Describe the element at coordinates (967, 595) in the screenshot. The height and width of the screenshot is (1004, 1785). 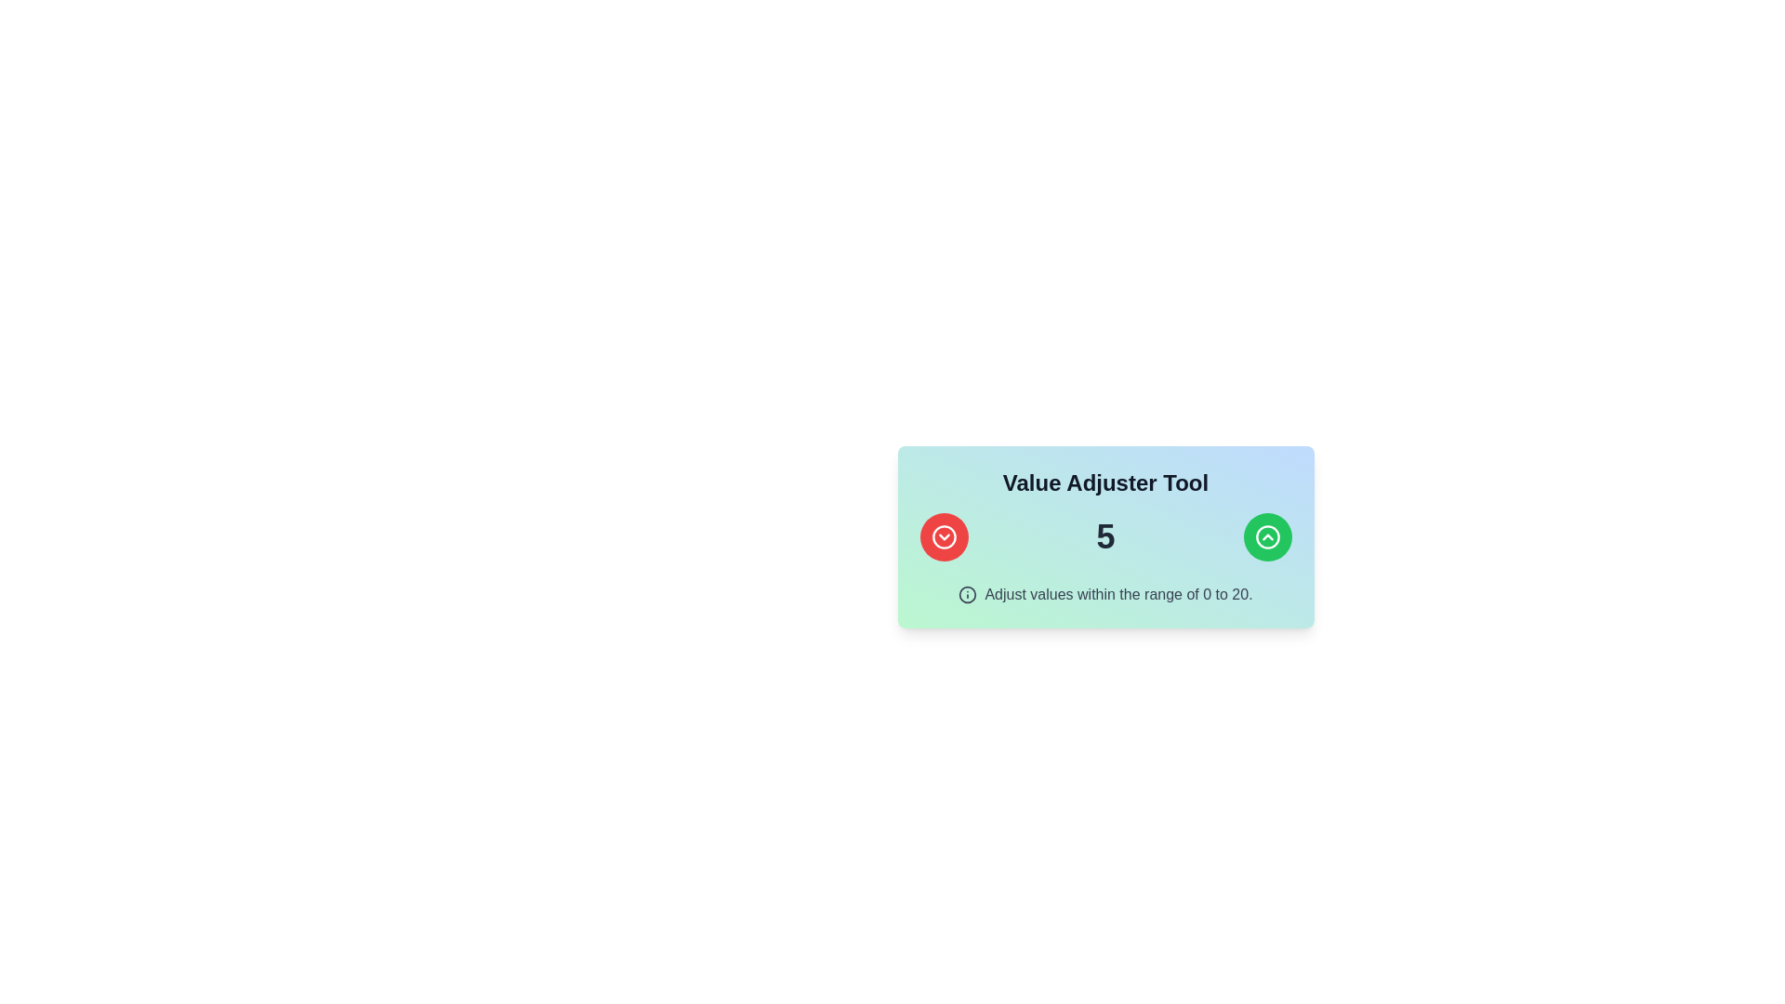
I see `the circular gray 'info' icon located in the bottom text area of the value adjustment card` at that location.